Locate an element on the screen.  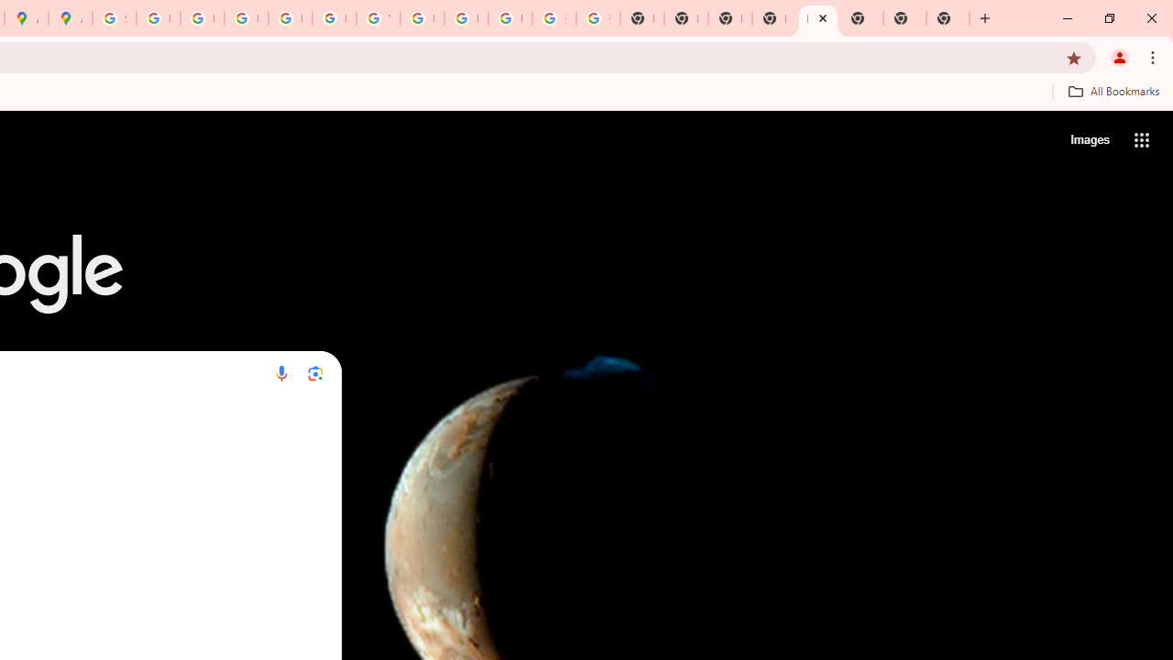
'Search by image' is located at coordinates (315, 372).